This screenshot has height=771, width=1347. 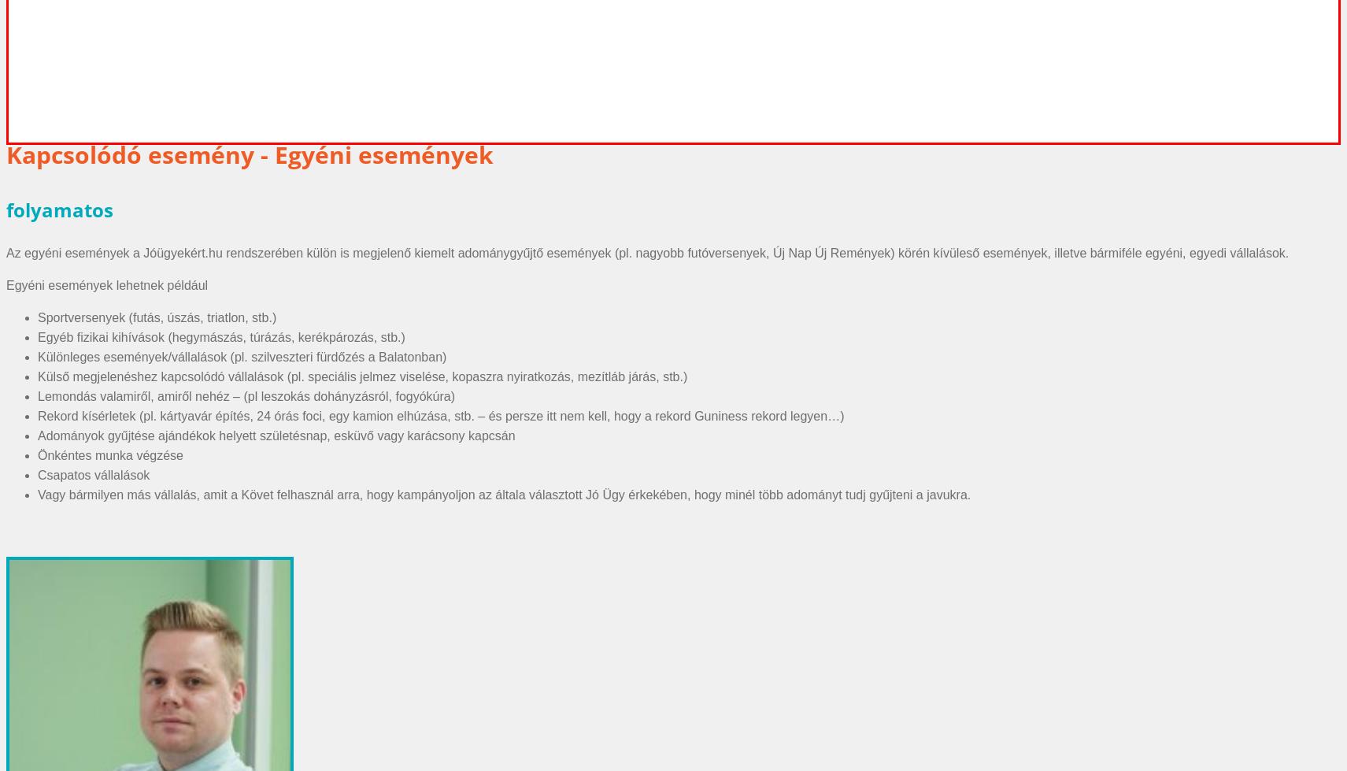 What do you see at coordinates (242, 356) in the screenshot?
I see `'Különleges események/vállalások (pl. szilveszteri fürdőzés a Balatonban)'` at bounding box center [242, 356].